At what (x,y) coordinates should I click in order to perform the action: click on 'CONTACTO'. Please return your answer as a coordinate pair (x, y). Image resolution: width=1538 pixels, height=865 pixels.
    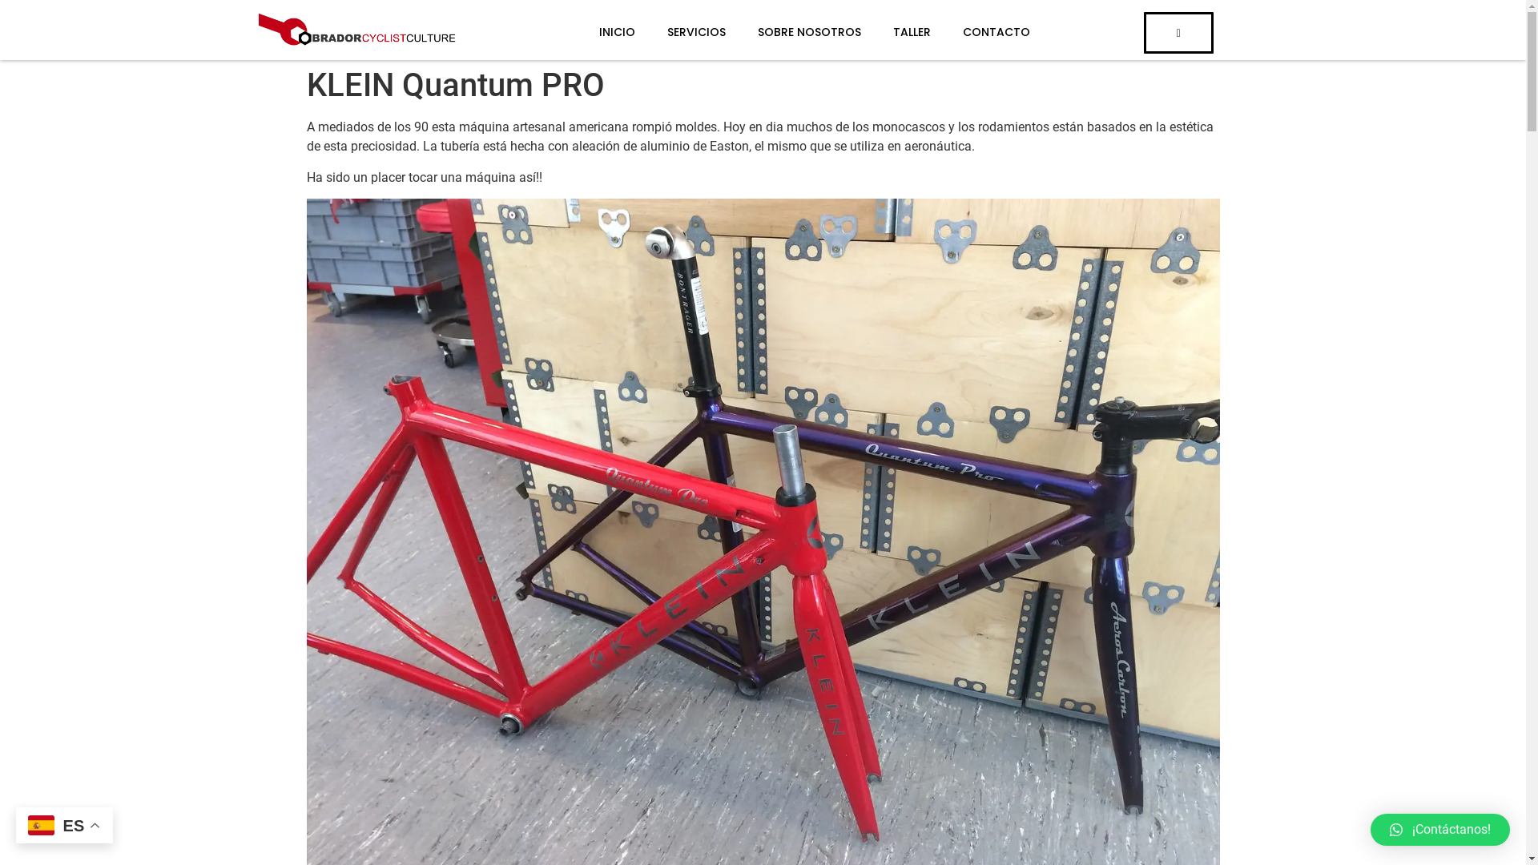
    Looking at the image, I should click on (980, 32).